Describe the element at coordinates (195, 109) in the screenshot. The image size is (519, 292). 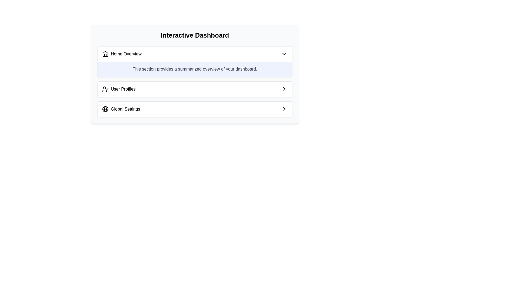
I see `the button-like interactive element for 'Global Settings' located in the lower portion of the 'Interactive Dashboard', which is the third item in the list below 'User Profiles'` at that location.